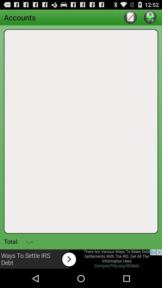  I want to click on new account, so click(150, 17).